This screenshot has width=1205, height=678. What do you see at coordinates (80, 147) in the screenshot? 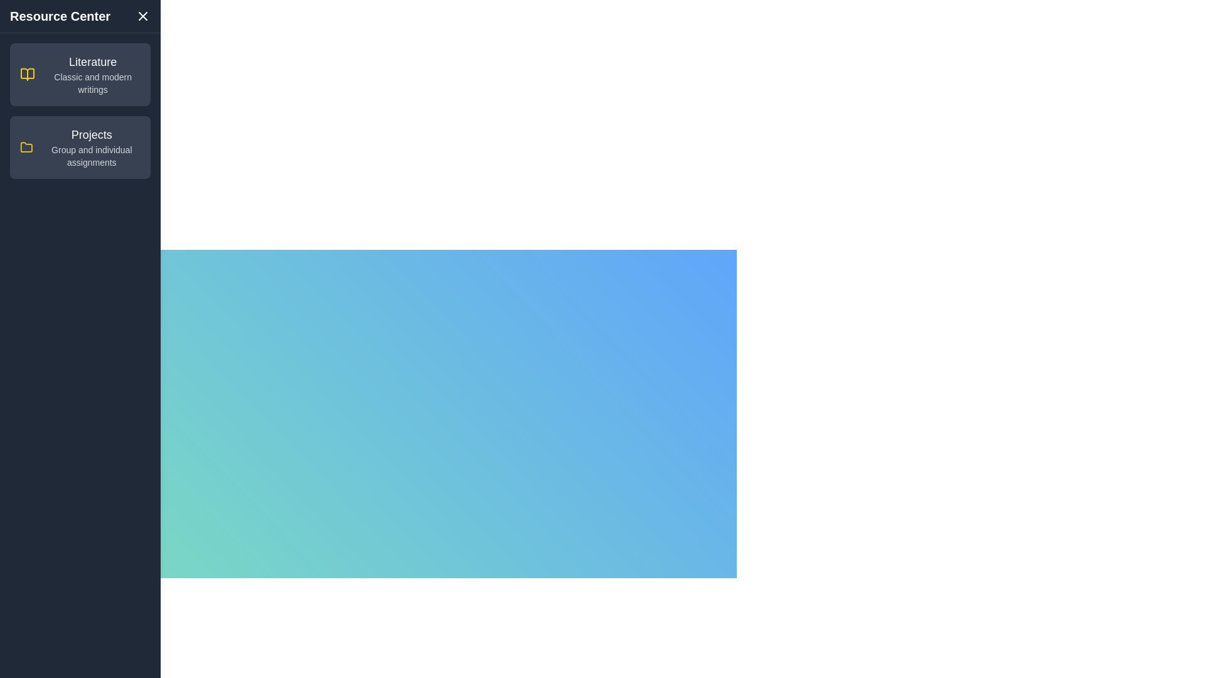
I see `the category Projects to highlight it` at bounding box center [80, 147].